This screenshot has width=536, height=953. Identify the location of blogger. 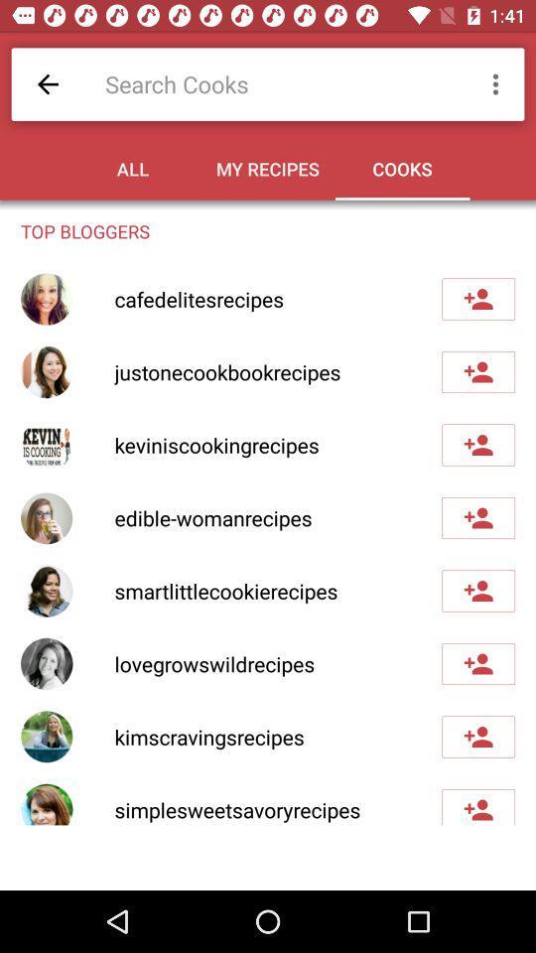
(477, 370).